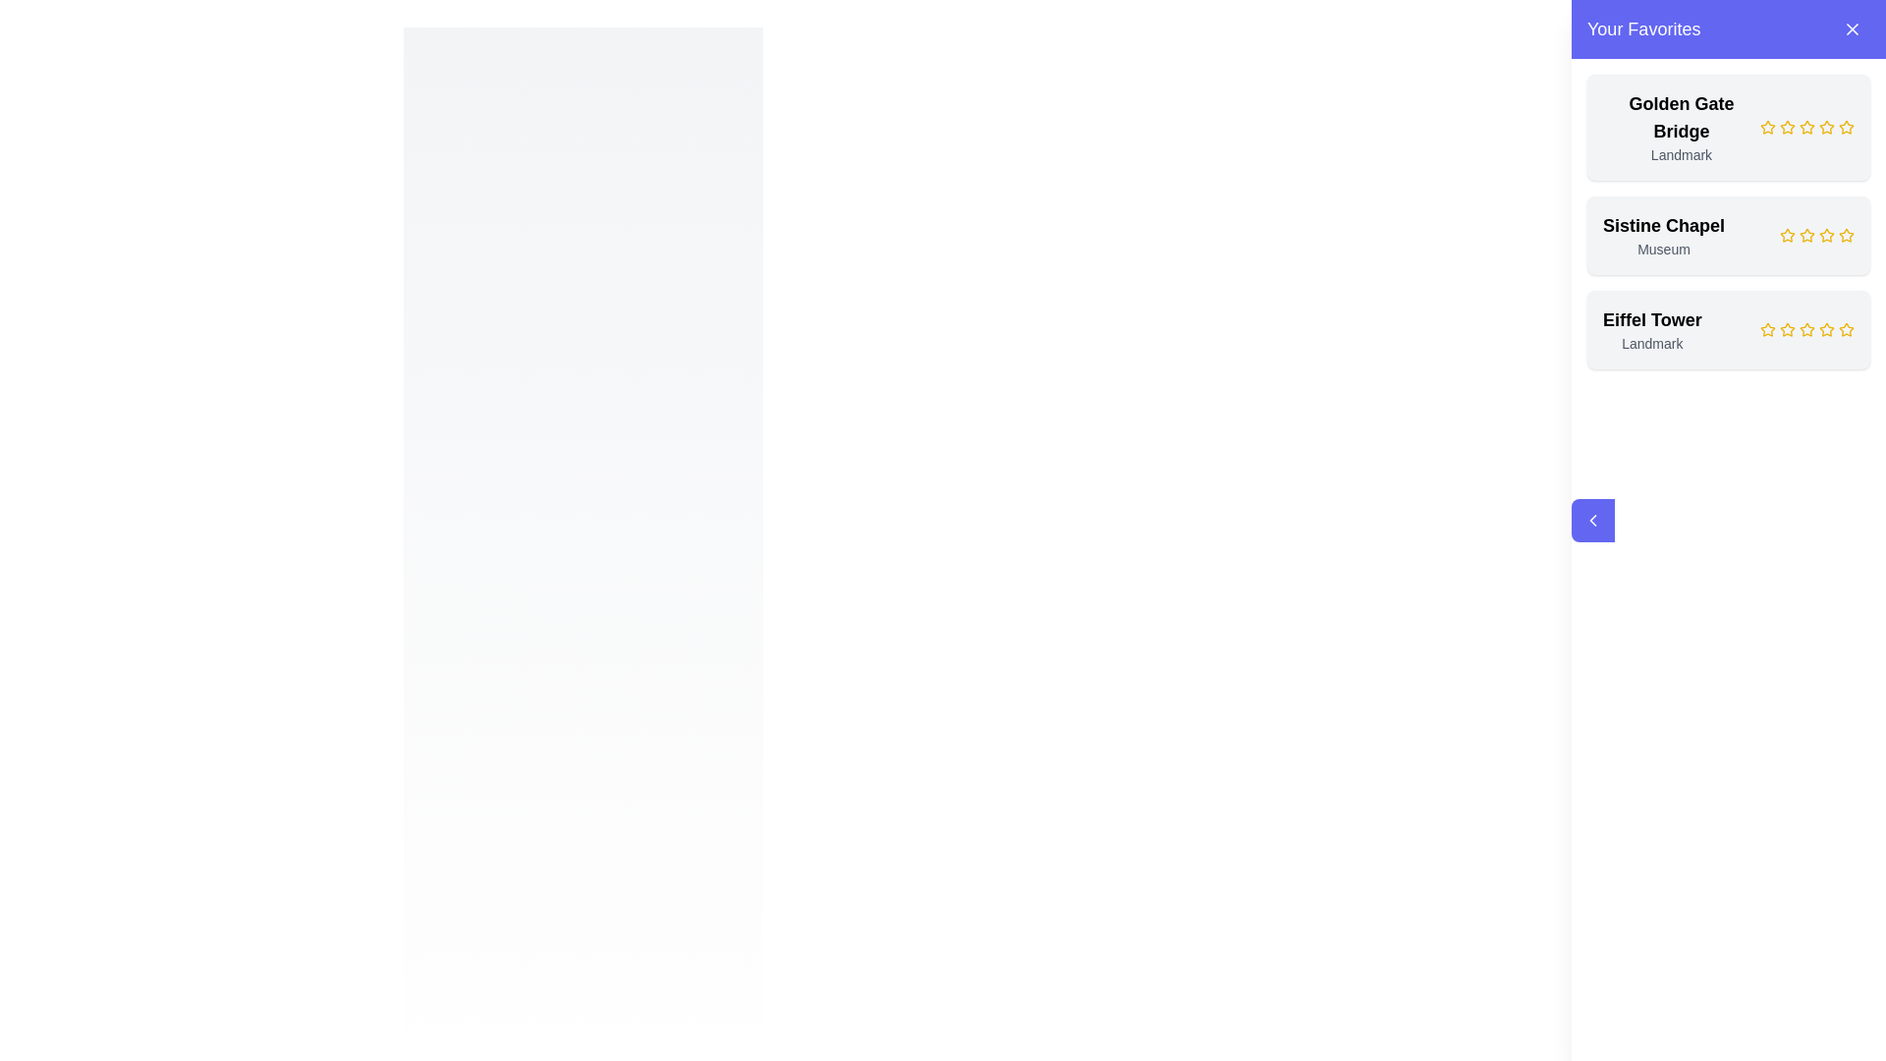  Describe the element at coordinates (1826, 328) in the screenshot. I see `the fifth star-shaped yellow rating icon in the 'Your Favorites' section corresponding to 'Eiffel Tower'` at that location.